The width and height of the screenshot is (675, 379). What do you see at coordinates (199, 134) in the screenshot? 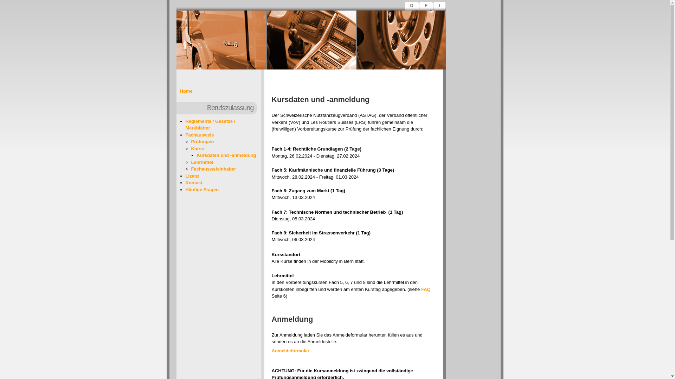
I see `'Fachausweis'` at bounding box center [199, 134].